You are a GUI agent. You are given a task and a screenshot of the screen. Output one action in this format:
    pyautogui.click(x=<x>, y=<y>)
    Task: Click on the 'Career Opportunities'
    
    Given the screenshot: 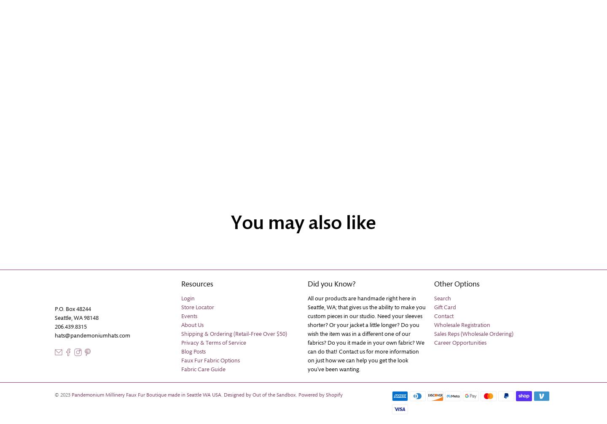 What is the action you would take?
    pyautogui.click(x=459, y=343)
    